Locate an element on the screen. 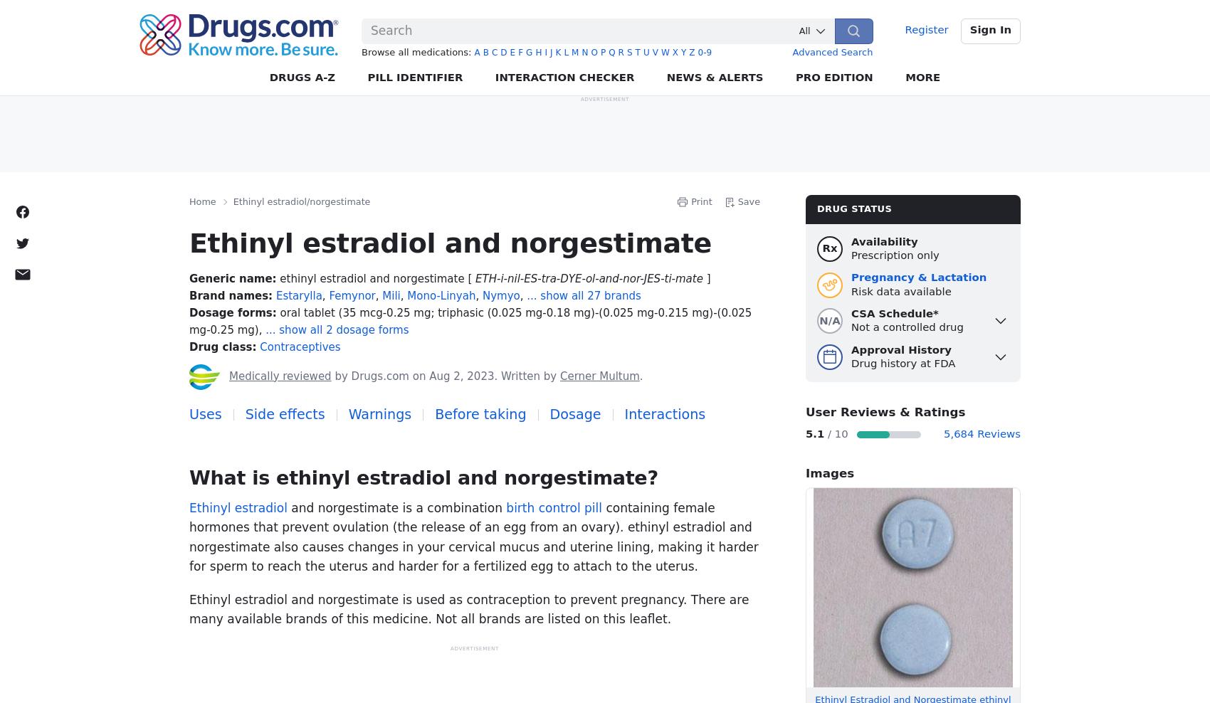 The width and height of the screenshot is (1210, 703). 'p' is located at coordinates (601, 53).